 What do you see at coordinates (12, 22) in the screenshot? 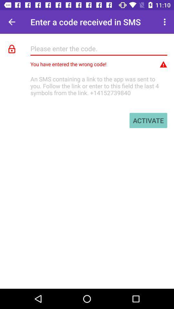
I see `previous` at bounding box center [12, 22].